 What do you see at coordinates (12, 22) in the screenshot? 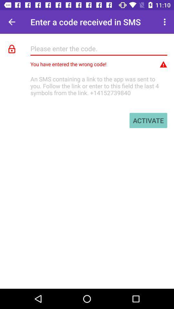
I see `previous` at bounding box center [12, 22].